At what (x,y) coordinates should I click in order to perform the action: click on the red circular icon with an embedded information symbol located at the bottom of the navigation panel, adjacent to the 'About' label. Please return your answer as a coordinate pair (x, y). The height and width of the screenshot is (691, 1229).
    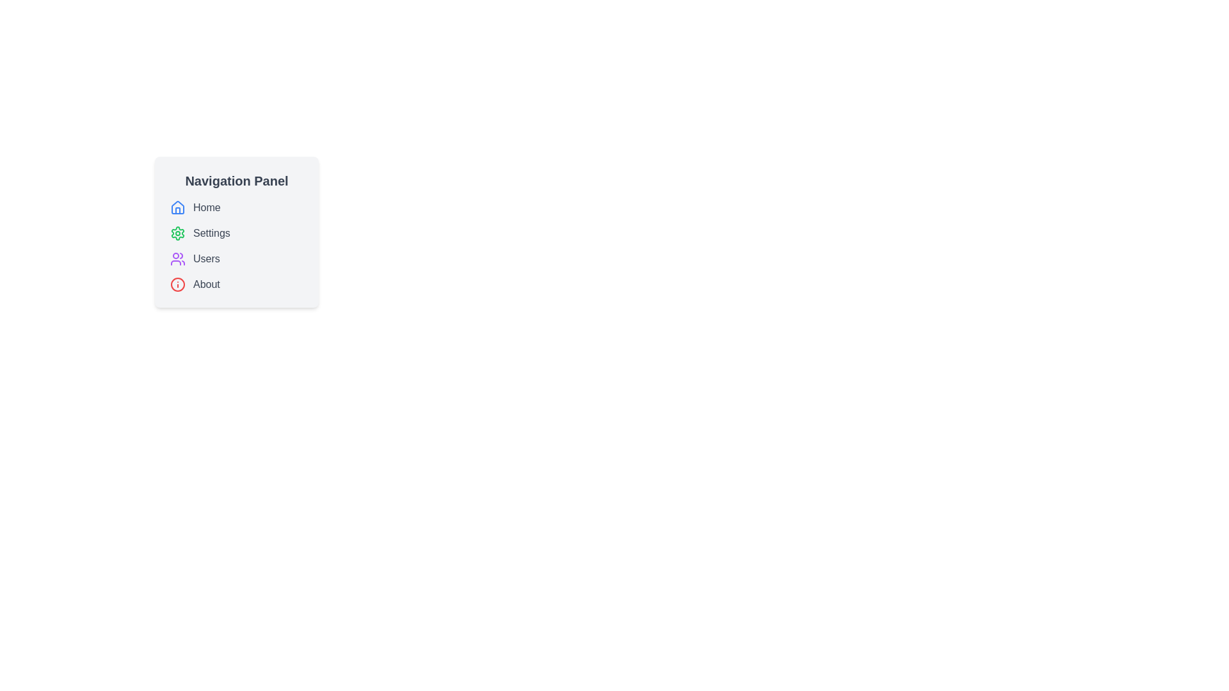
    Looking at the image, I should click on (177, 283).